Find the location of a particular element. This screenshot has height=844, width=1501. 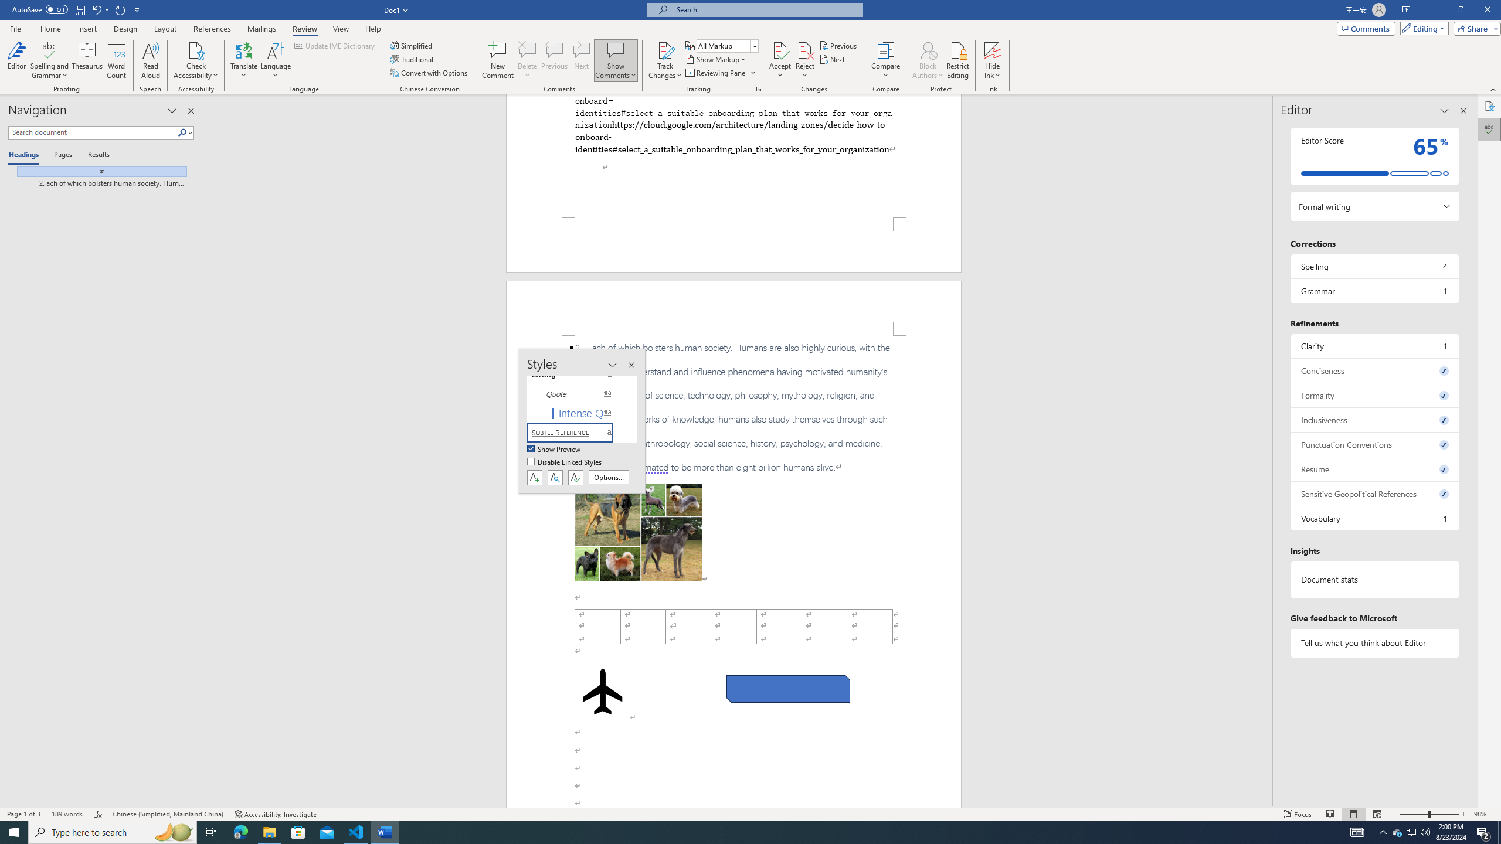

'Class: NetUIButton' is located at coordinates (576, 478).